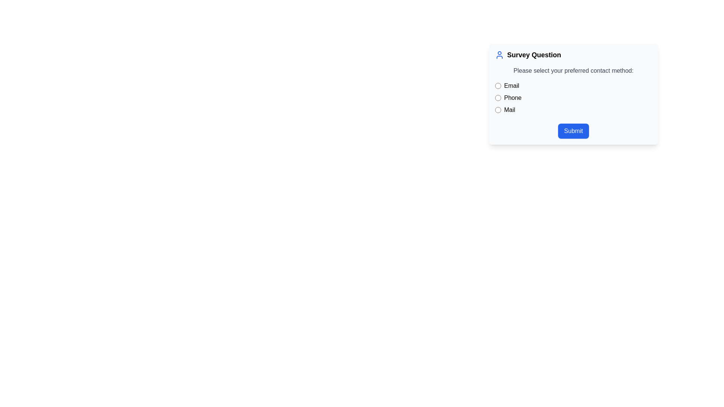 The width and height of the screenshot is (724, 407). Describe the element at coordinates (573, 97) in the screenshot. I see `the radio button` at that location.